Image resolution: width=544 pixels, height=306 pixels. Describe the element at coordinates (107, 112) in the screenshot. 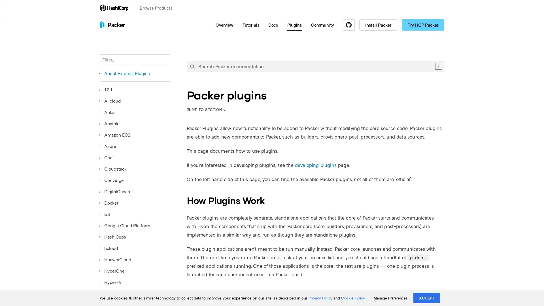

I see `Anka` at that location.